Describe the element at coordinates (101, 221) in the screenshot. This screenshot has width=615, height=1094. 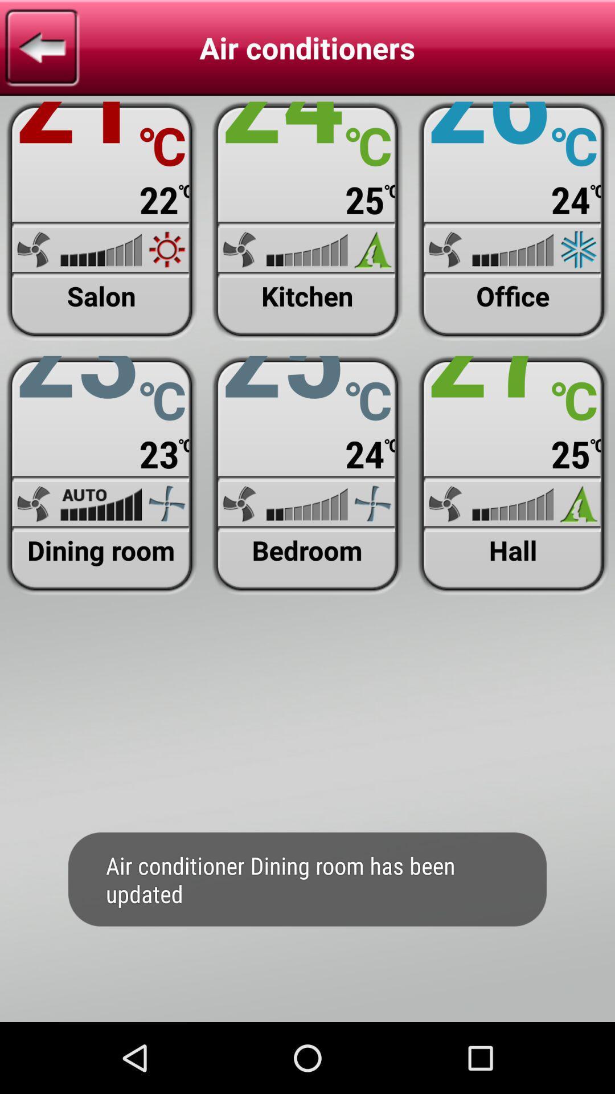
I see `control salon temperature` at that location.